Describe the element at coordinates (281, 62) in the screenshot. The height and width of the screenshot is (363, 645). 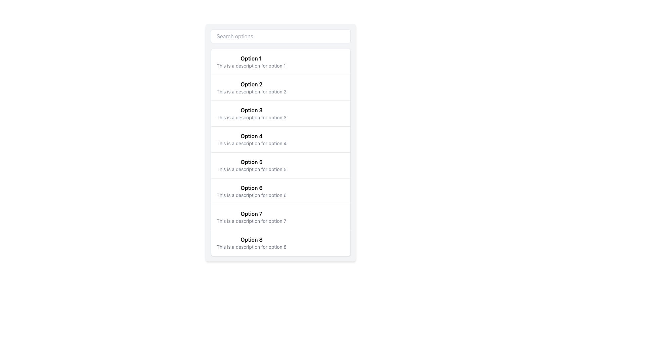
I see `the first list item containing the title 'Option 1' and the description 'This is a description for option 1'` at that location.